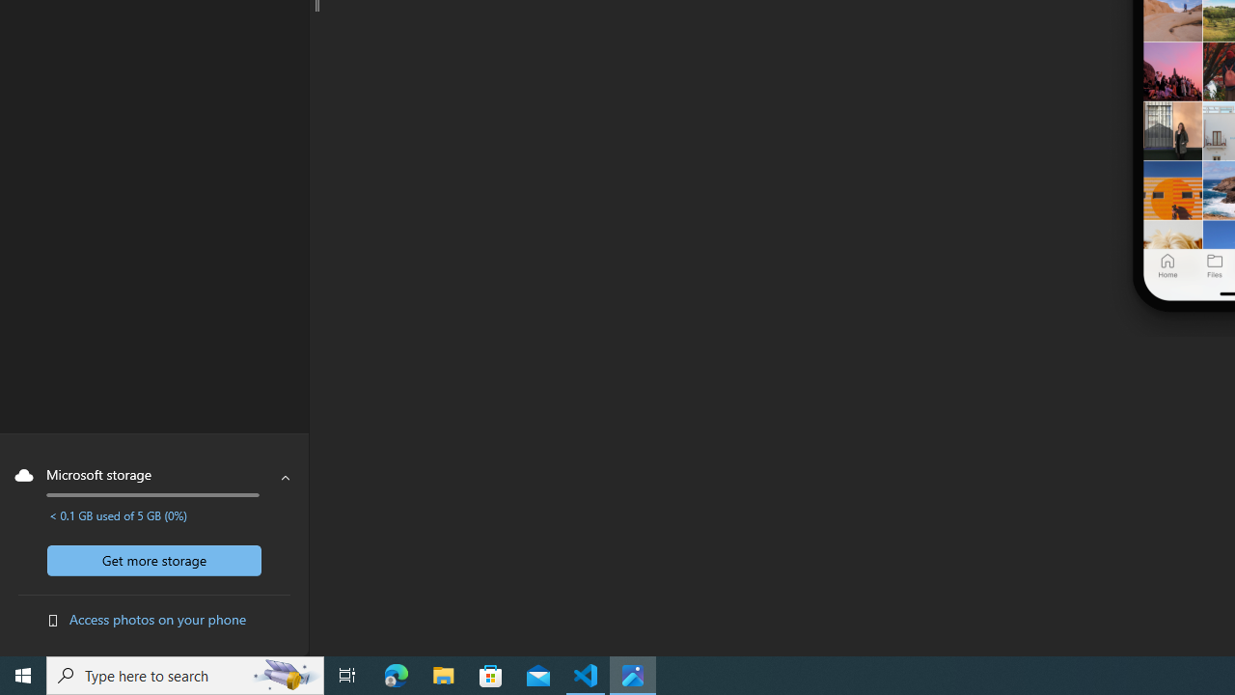 The image size is (1235, 695). Describe the element at coordinates (23, 674) in the screenshot. I see `'Start'` at that location.